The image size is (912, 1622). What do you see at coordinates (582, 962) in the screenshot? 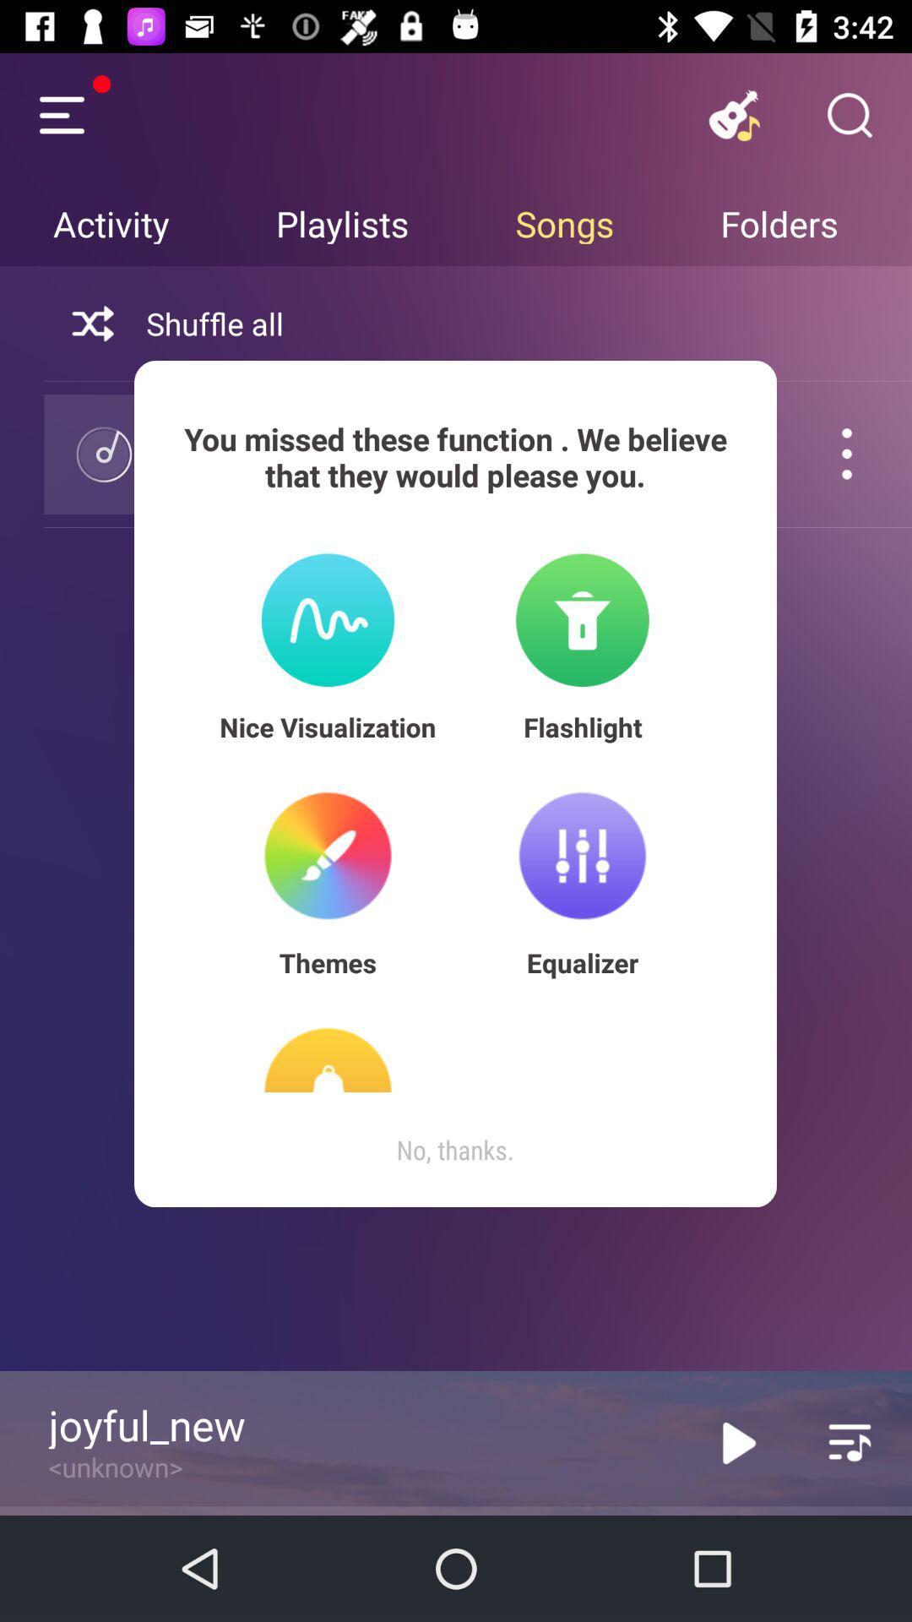
I see `item next to themes item` at bounding box center [582, 962].